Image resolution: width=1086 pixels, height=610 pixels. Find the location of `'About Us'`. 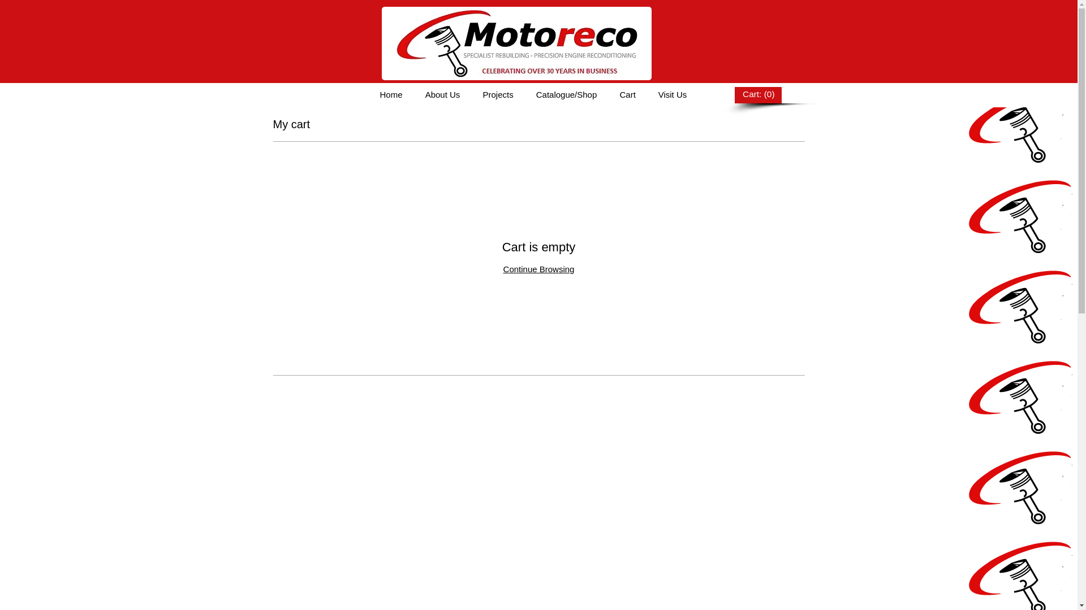

'About Us' is located at coordinates (442, 94).